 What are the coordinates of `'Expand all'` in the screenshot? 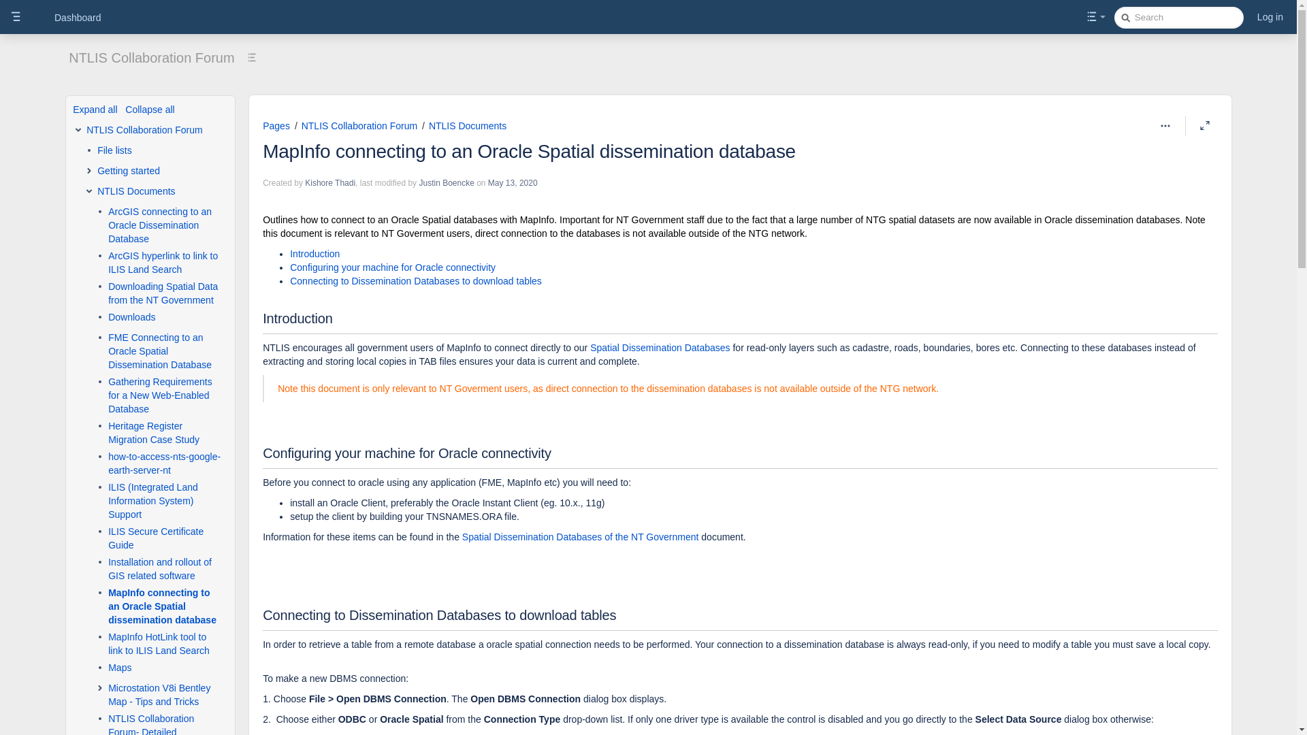 It's located at (94, 109).